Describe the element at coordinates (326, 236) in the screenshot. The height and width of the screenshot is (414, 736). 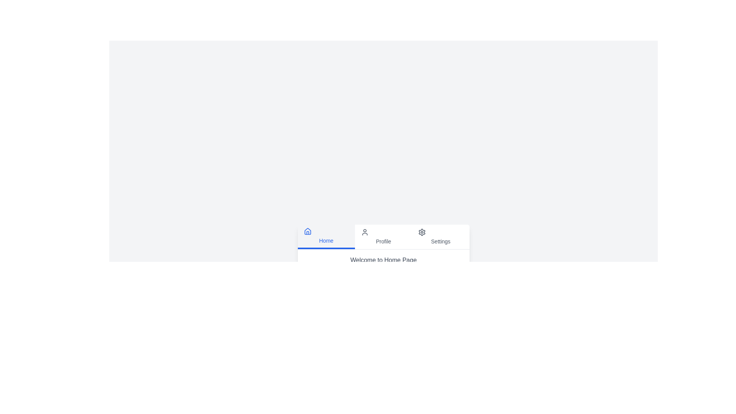
I see `the Home tab to switch to its view` at that location.